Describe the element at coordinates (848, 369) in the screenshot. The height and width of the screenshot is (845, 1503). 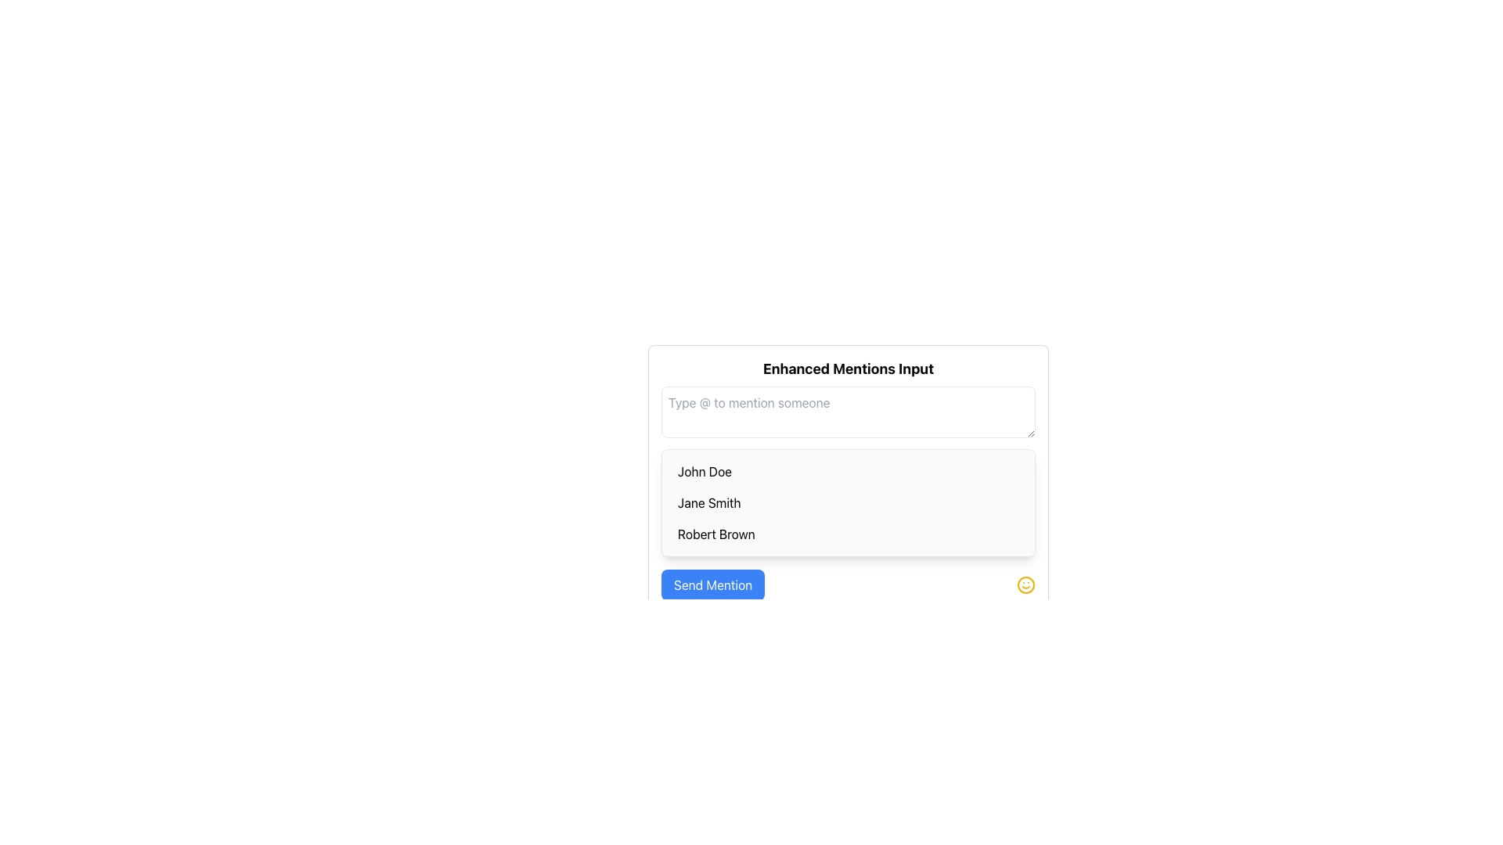
I see `the Text Label at the top of the section, which serves as the title or header for the input section` at that location.